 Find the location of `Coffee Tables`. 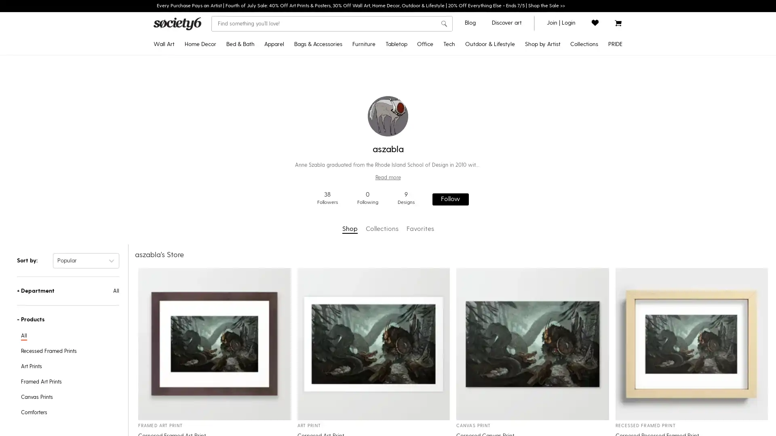

Coffee Tables is located at coordinates (377, 129).